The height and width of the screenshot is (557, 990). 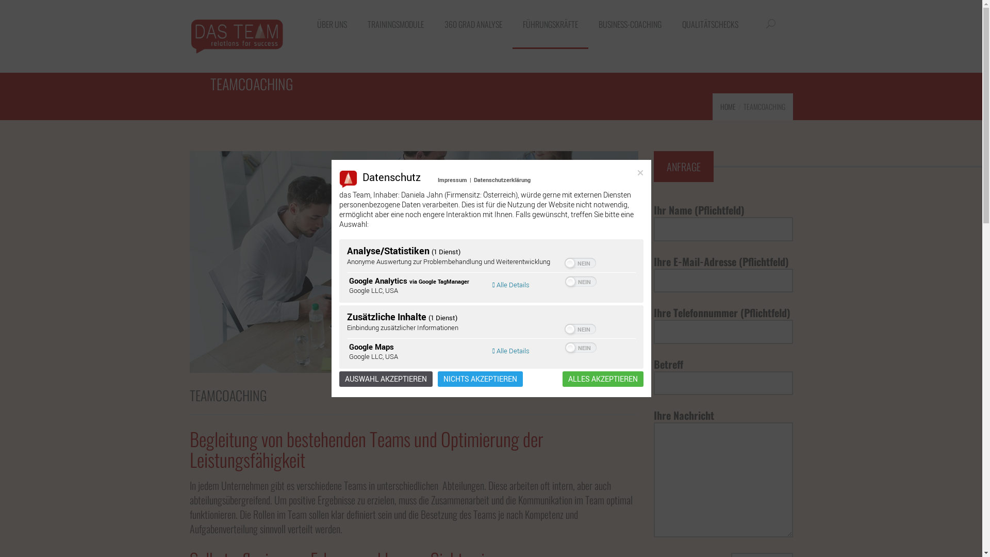 What do you see at coordinates (385, 379) in the screenshot?
I see `'AUSWAHL AKZEPTIEREN'` at bounding box center [385, 379].